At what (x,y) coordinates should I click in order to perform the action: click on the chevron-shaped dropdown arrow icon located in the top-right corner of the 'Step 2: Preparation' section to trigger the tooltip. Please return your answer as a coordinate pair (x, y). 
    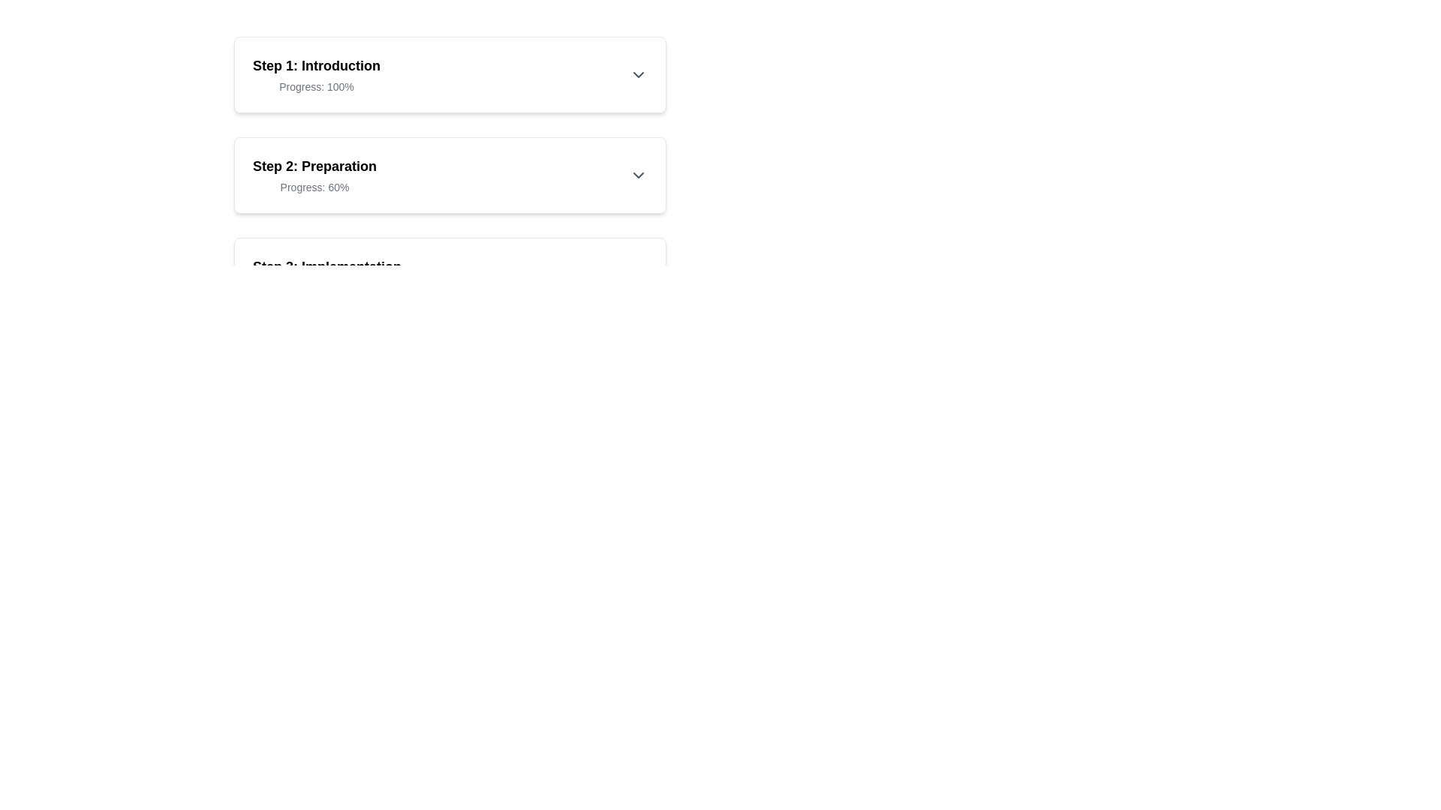
    Looking at the image, I should click on (638, 175).